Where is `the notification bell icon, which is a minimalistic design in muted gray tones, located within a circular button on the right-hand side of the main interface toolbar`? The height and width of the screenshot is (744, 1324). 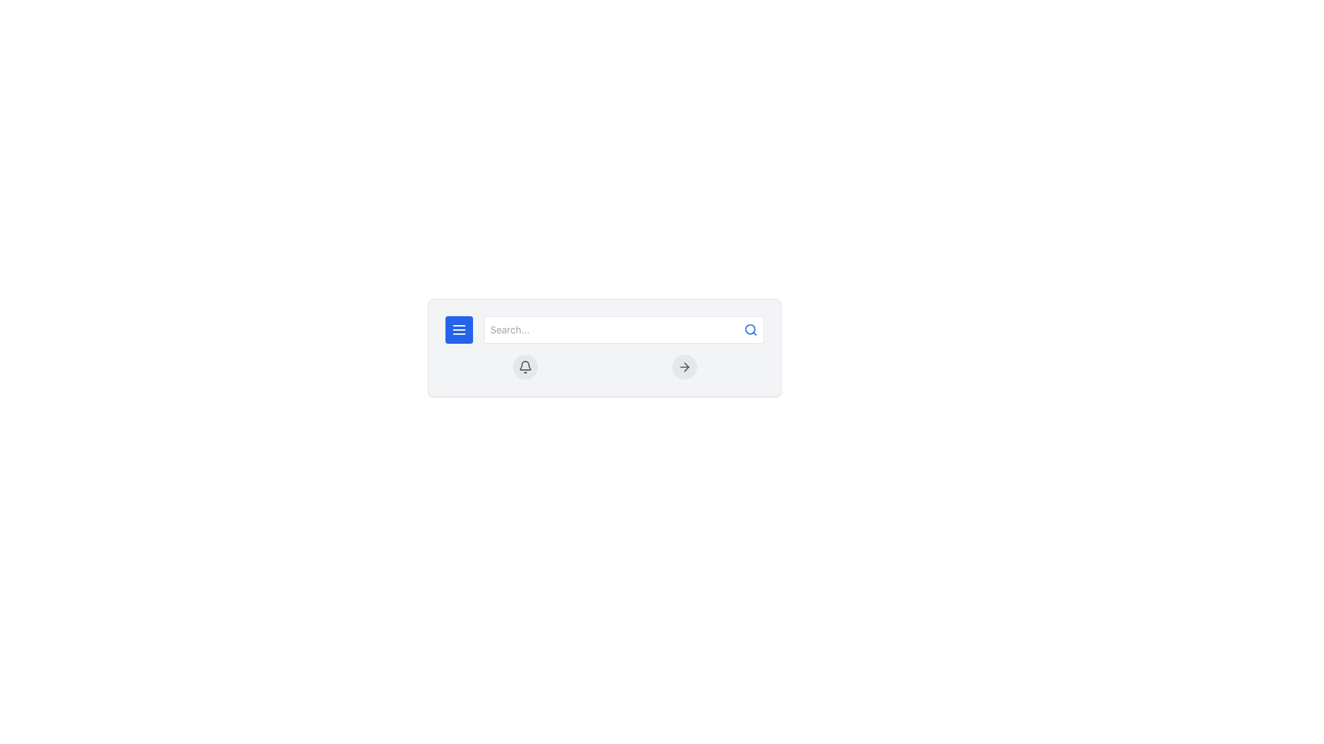 the notification bell icon, which is a minimalistic design in muted gray tones, located within a circular button on the right-hand side of the main interface toolbar is located at coordinates (524, 366).